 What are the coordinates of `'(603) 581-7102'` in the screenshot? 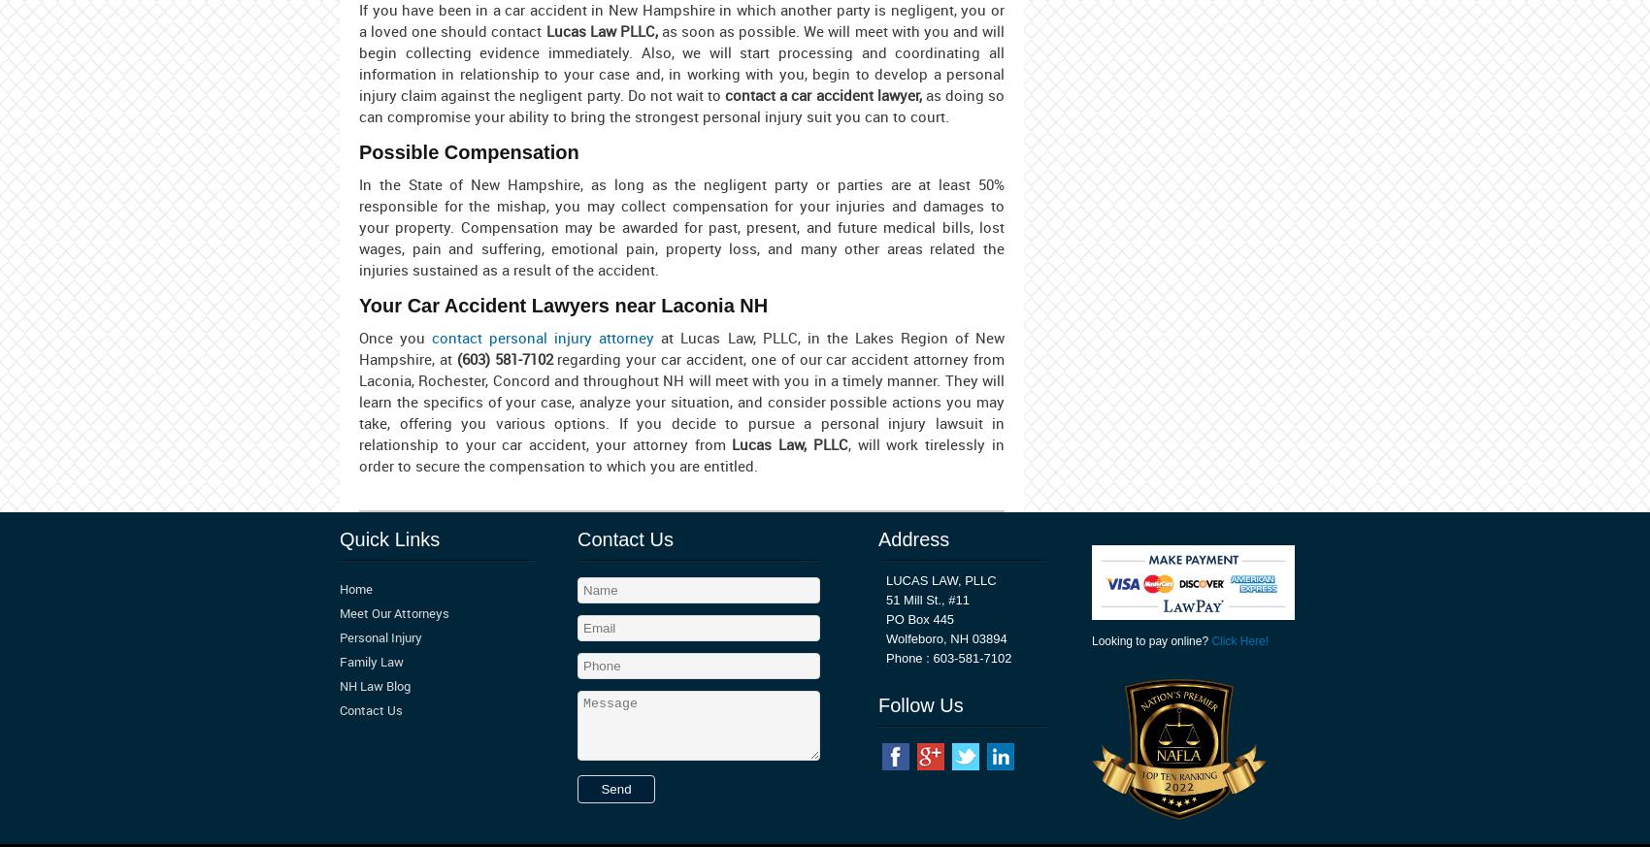 It's located at (504, 357).